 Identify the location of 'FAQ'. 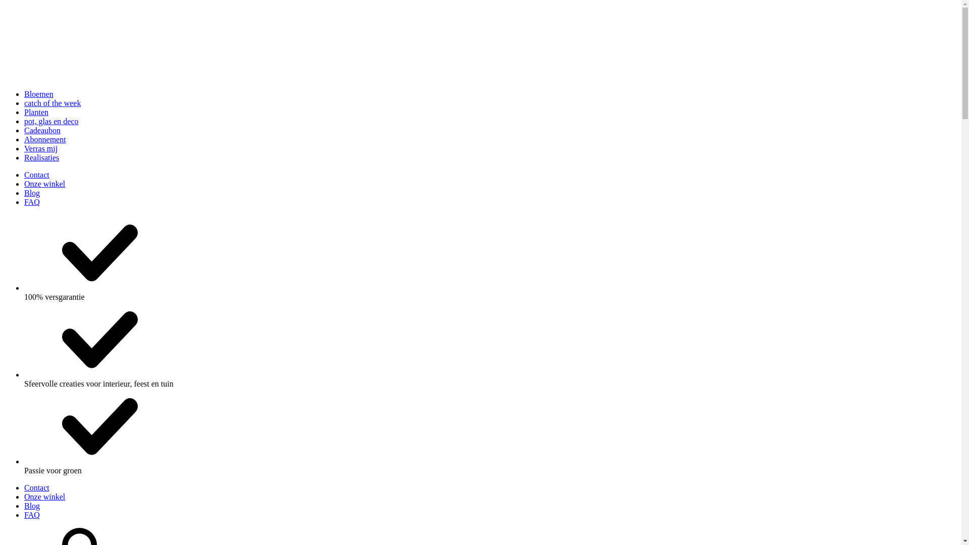
(24, 515).